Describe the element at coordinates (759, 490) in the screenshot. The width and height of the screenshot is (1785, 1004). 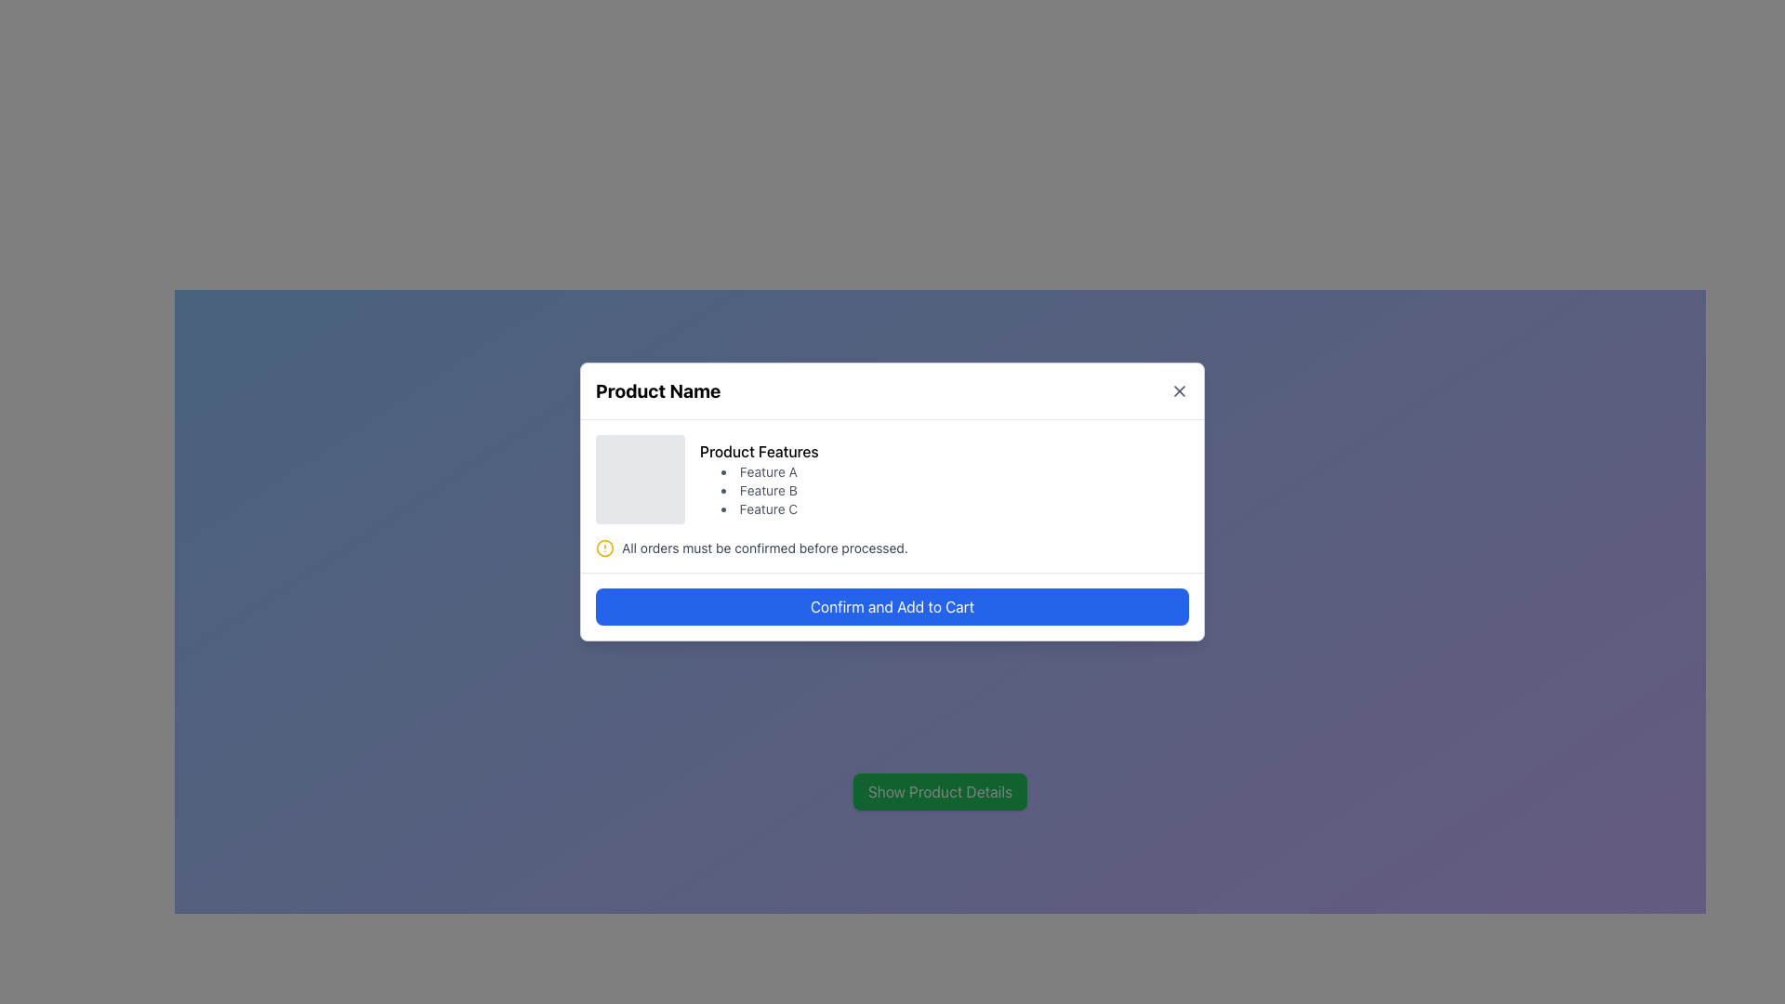
I see `the Text Label that lists 'Feature B' in the vertical bulleted list of product features within the 'Product Features' section of the pop-up card` at that location.